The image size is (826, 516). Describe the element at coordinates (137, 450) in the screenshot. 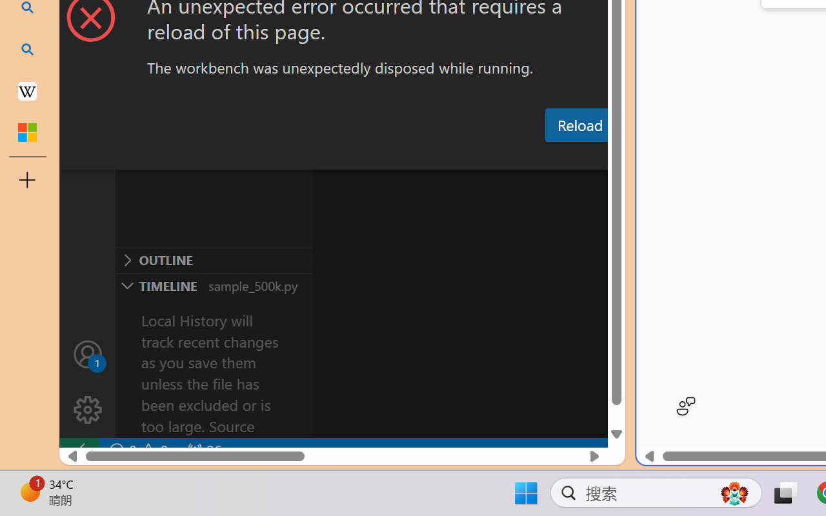

I see `'No Problems'` at that location.